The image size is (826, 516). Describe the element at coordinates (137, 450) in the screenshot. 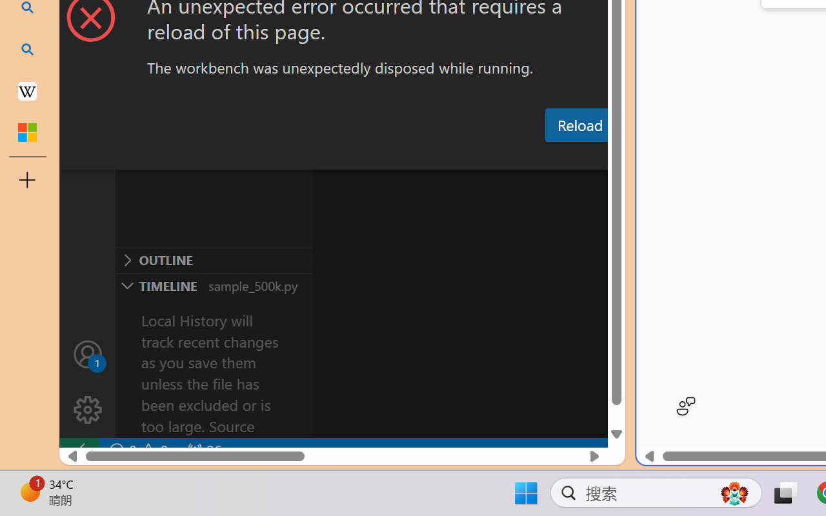

I see `'No Problems'` at that location.